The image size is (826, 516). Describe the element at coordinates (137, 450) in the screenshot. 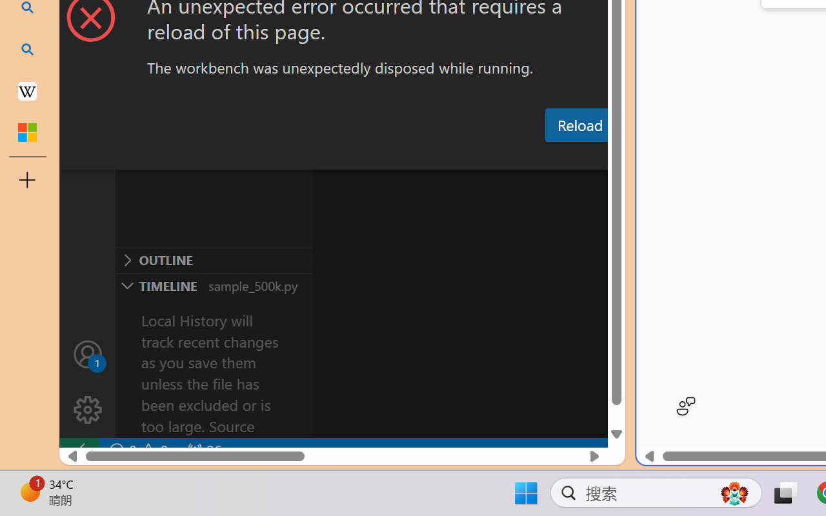

I see `'No Problems'` at that location.